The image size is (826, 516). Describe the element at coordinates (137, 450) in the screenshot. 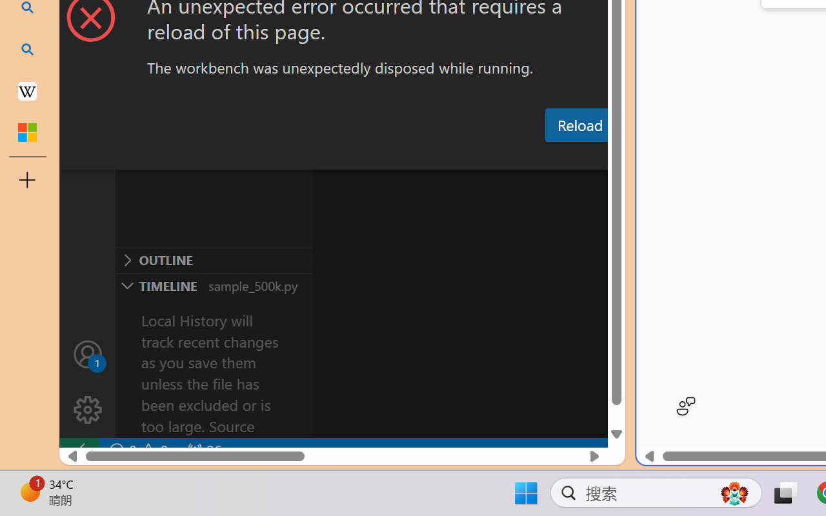

I see `'No Problems'` at that location.